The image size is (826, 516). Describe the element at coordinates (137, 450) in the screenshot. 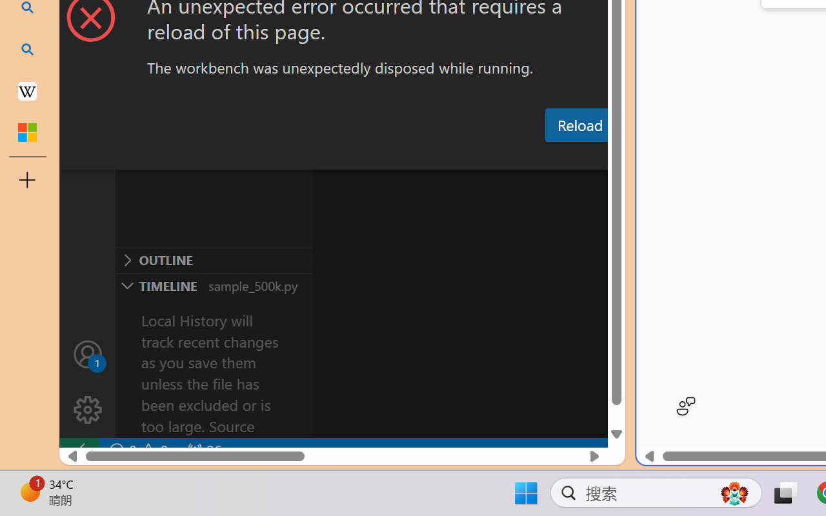

I see `'No Problems'` at that location.